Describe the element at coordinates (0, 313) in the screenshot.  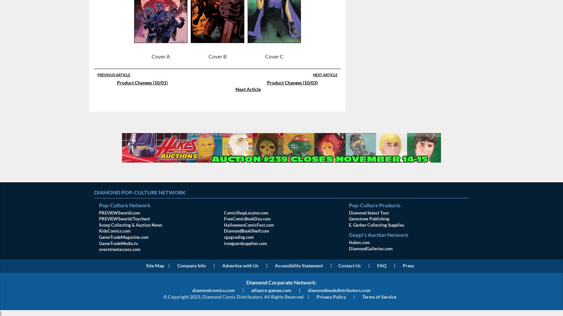
I see `'}'` at that location.